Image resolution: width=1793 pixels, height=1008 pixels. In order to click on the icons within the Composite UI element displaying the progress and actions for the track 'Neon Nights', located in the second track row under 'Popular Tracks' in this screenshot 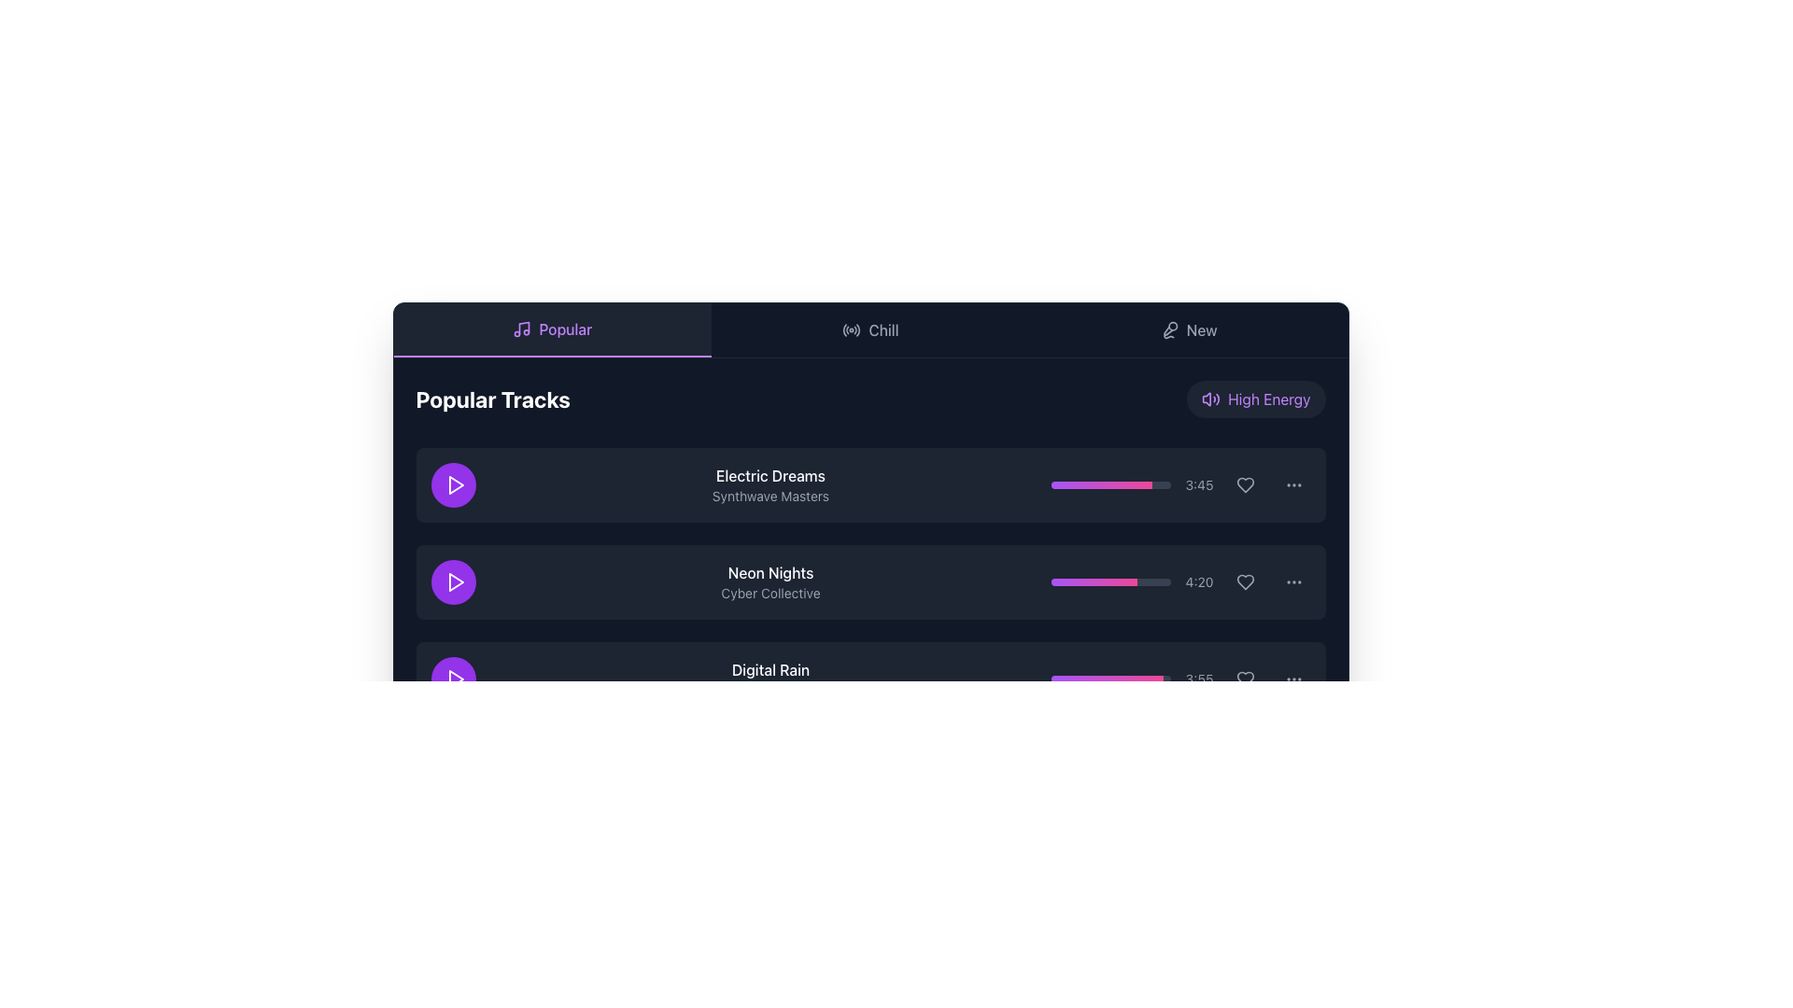, I will do `click(1179, 581)`.